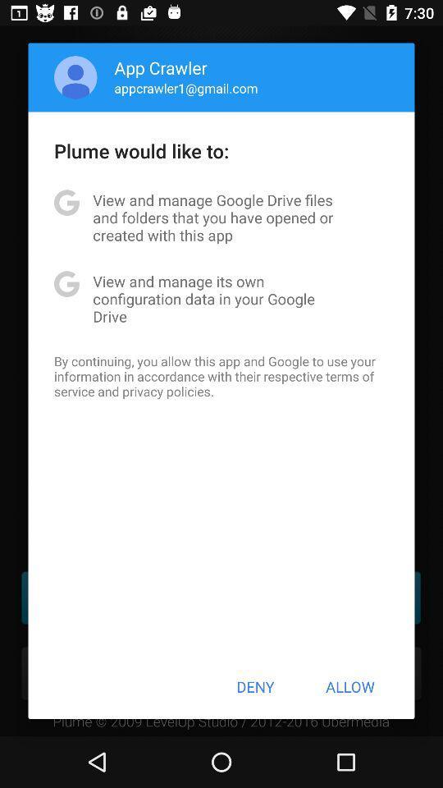 Image resolution: width=443 pixels, height=788 pixels. Describe the element at coordinates (161, 67) in the screenshot. I see `icon above the appcrawler1@gmail.com` at that location.